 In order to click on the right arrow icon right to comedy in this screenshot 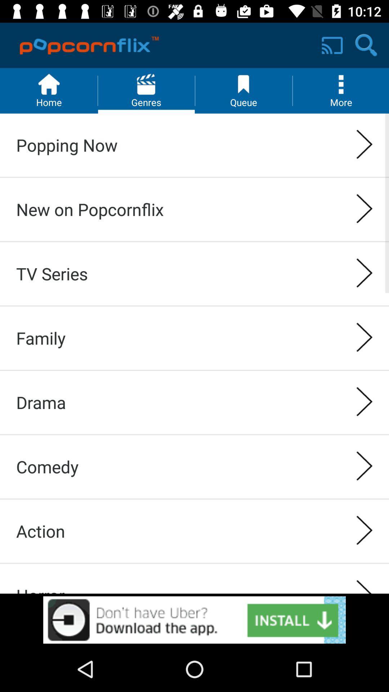, I will do `click(365, 467)`.